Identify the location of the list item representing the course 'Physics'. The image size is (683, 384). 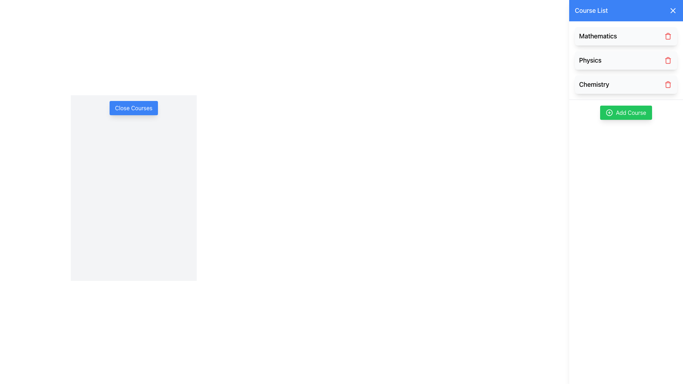
(626, 60).